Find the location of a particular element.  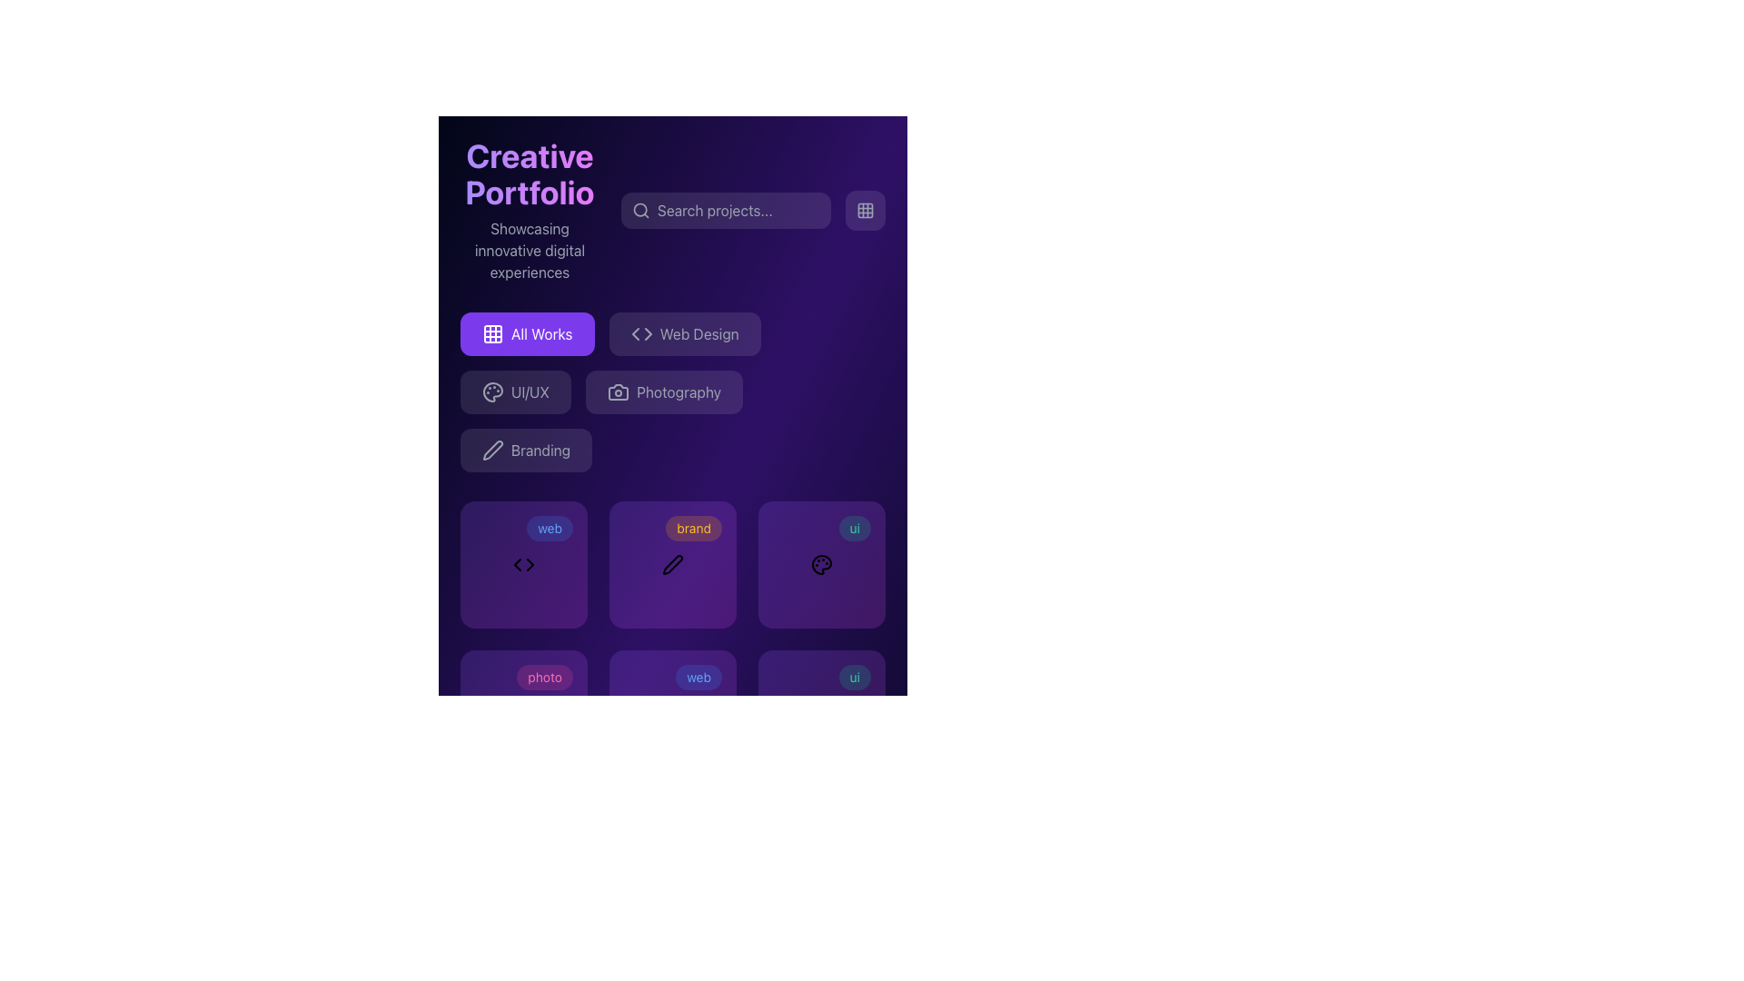

the main body shape of the palette icon located at the bottom right of the third grid item in the interface is located at coordinates (492, 391).